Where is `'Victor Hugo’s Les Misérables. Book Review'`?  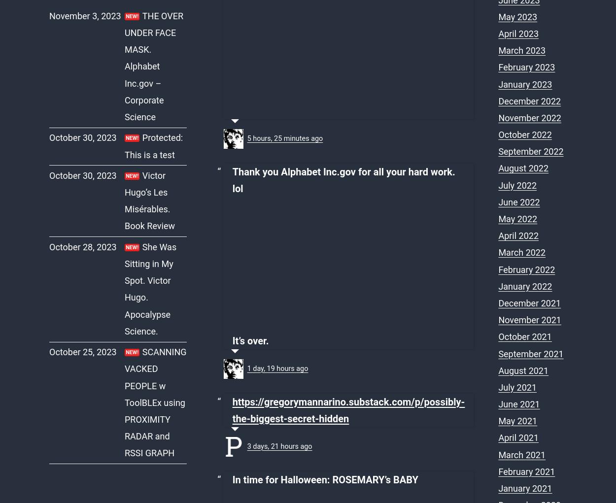
'Victor Hugo’s Les Misérables. Book Review' is located at coordinates (150, 200).